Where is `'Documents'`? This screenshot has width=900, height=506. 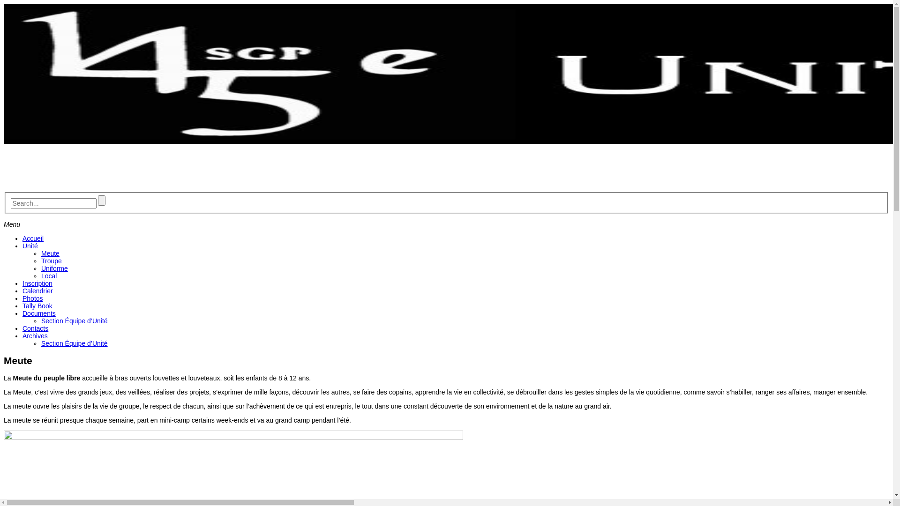 'Documents' is located at coordinates (38, 313).